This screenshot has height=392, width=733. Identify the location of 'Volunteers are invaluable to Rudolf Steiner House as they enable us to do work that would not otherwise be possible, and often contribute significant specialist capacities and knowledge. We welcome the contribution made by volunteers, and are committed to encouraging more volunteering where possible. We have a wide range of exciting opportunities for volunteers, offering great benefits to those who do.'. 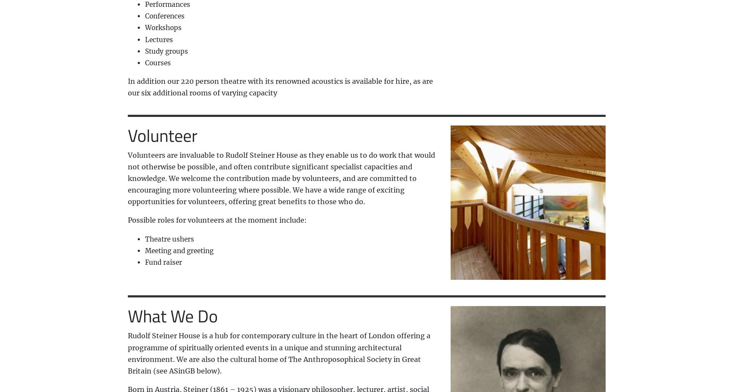
(280, 178).